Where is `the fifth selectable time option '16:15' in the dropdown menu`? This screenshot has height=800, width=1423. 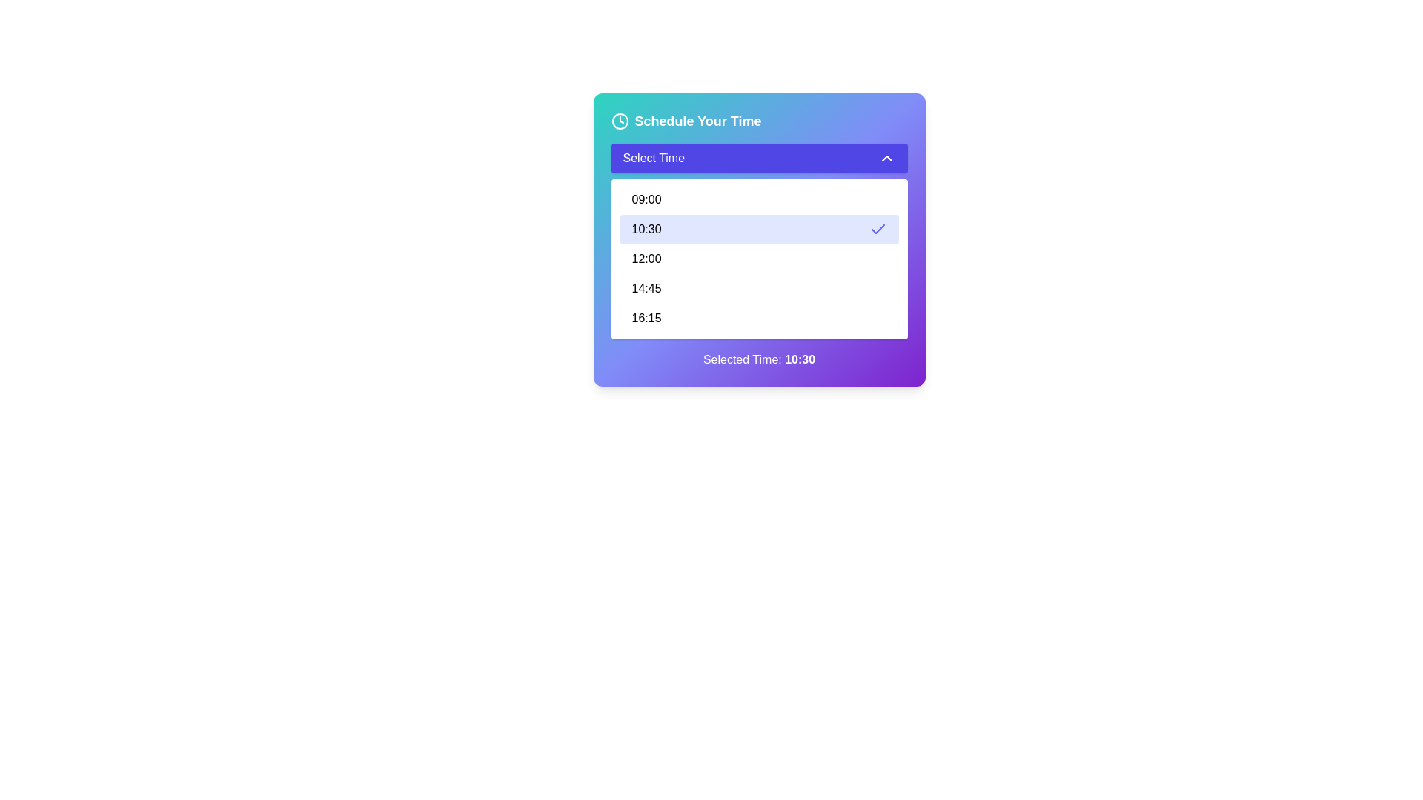 the fifth selectable time option '16:15' in the dropdown menu is located at coordinates (759, 317).